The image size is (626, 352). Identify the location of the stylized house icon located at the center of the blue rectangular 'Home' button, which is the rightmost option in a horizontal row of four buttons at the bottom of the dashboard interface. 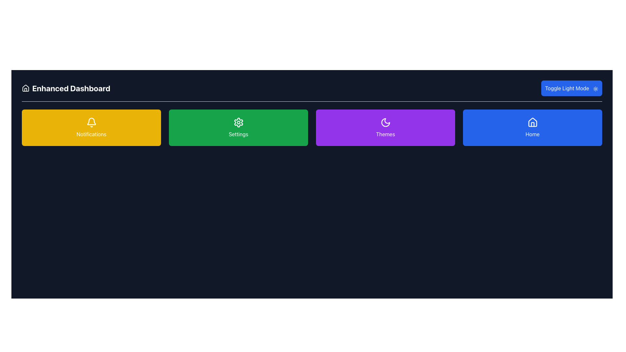
(532, 122).